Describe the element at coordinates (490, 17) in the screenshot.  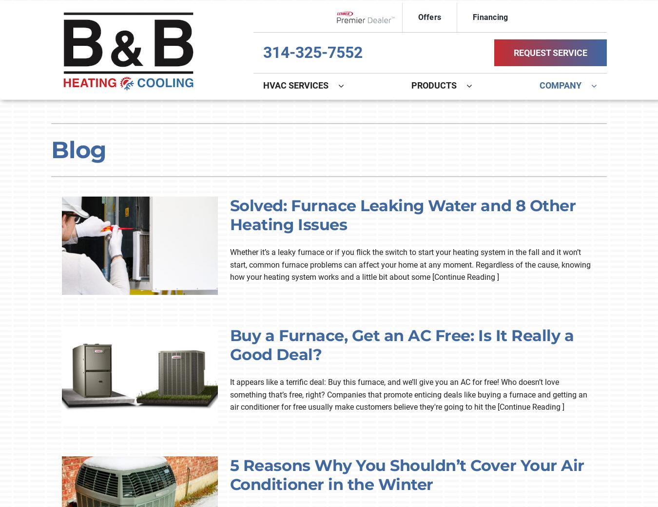
I see `'Financing'` at that location.